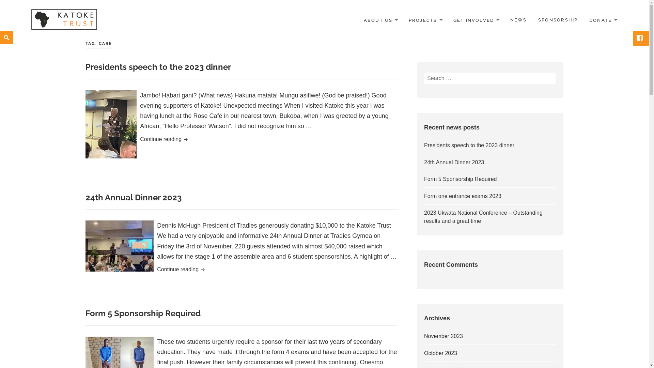 This screenshot has height=368, width=654. I want to click on 'ABOUT US', so click(380, 20).